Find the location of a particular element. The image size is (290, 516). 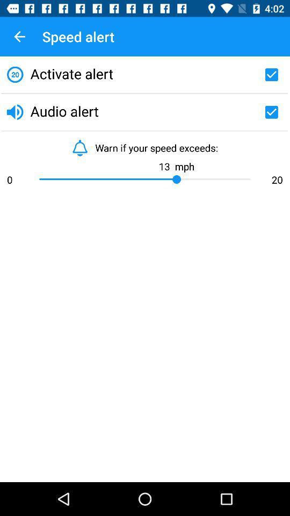

item next to the speed alert icon is located at coordinates (19, 37).